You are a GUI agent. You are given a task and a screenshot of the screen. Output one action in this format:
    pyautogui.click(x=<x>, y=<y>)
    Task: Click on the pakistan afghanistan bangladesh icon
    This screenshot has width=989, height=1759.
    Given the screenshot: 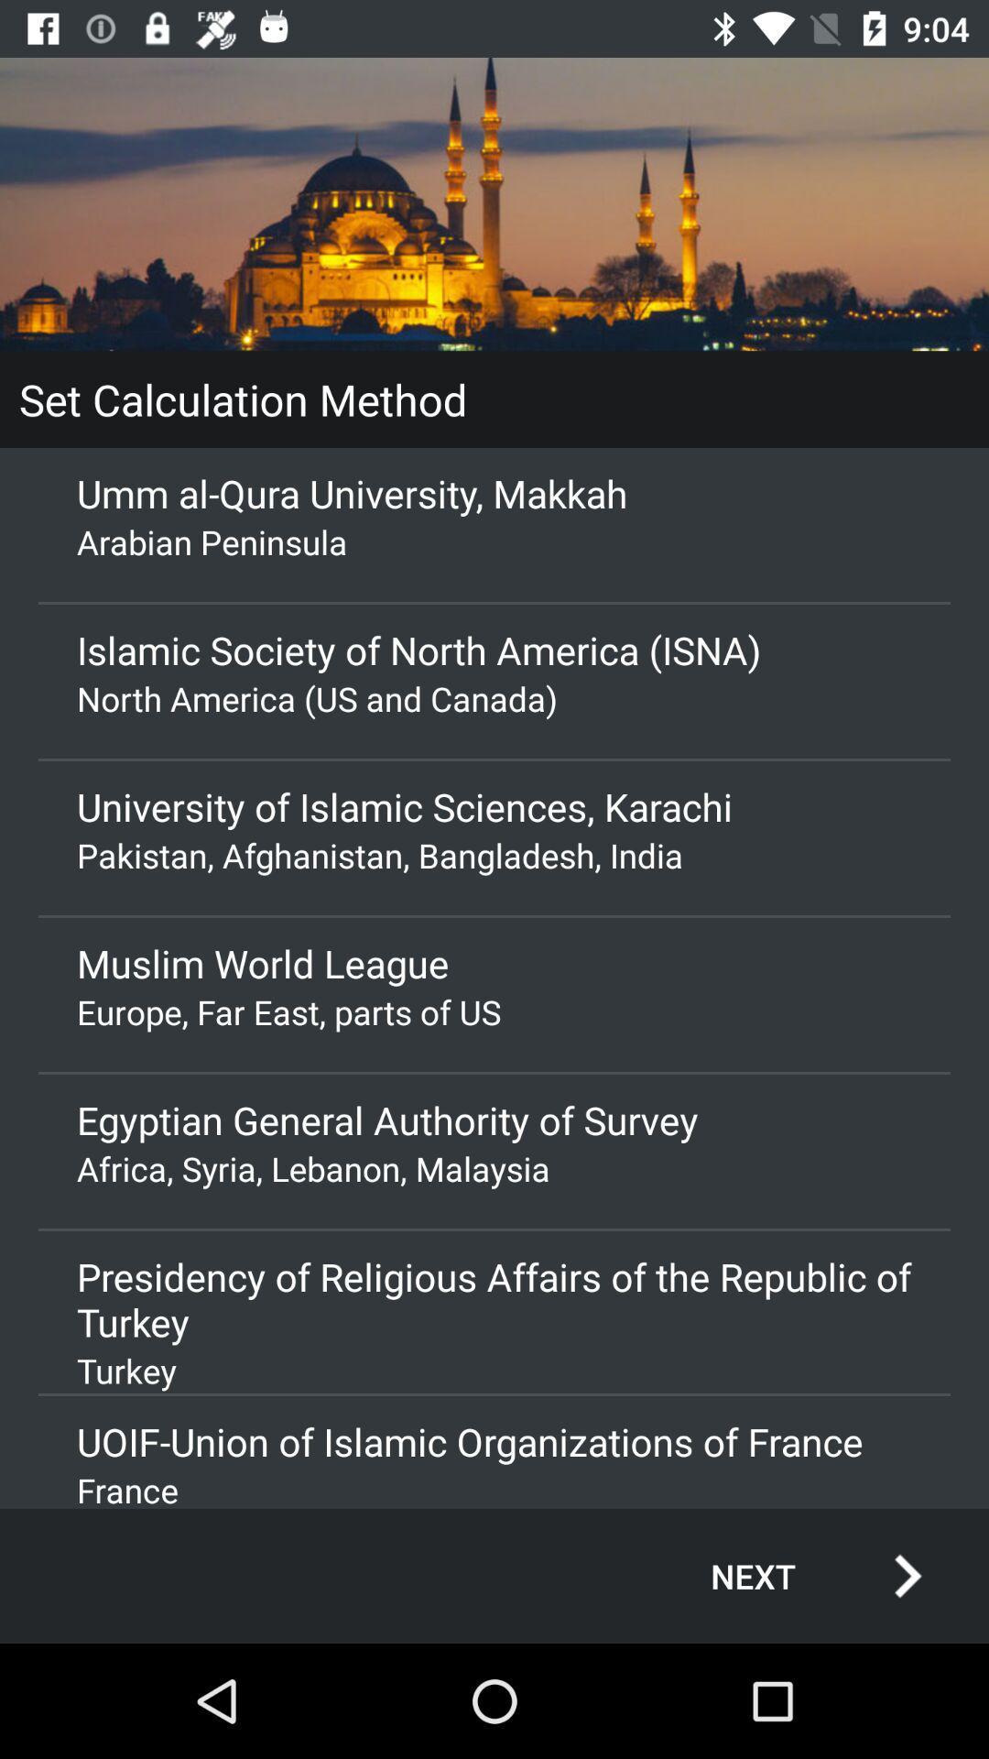 What is the action you would take?
    pyautogui.click(x=494, y=854)
    